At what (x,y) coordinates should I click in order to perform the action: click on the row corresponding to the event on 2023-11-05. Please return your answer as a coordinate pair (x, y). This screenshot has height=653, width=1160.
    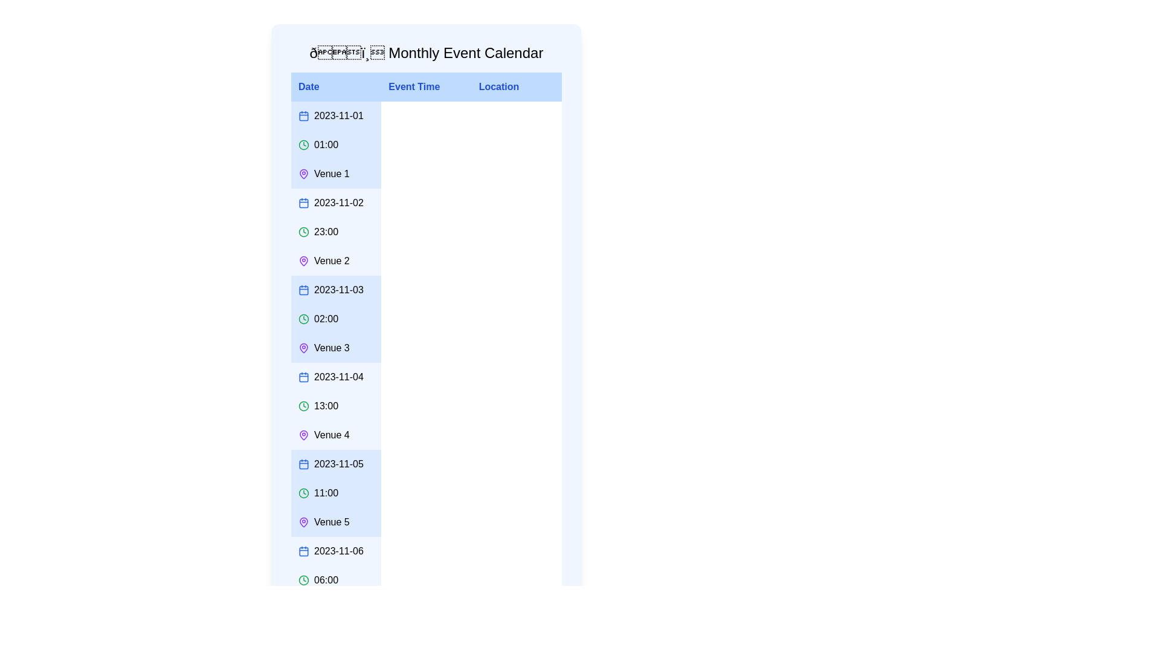
    Looking at the image, I should click on (426, 493).